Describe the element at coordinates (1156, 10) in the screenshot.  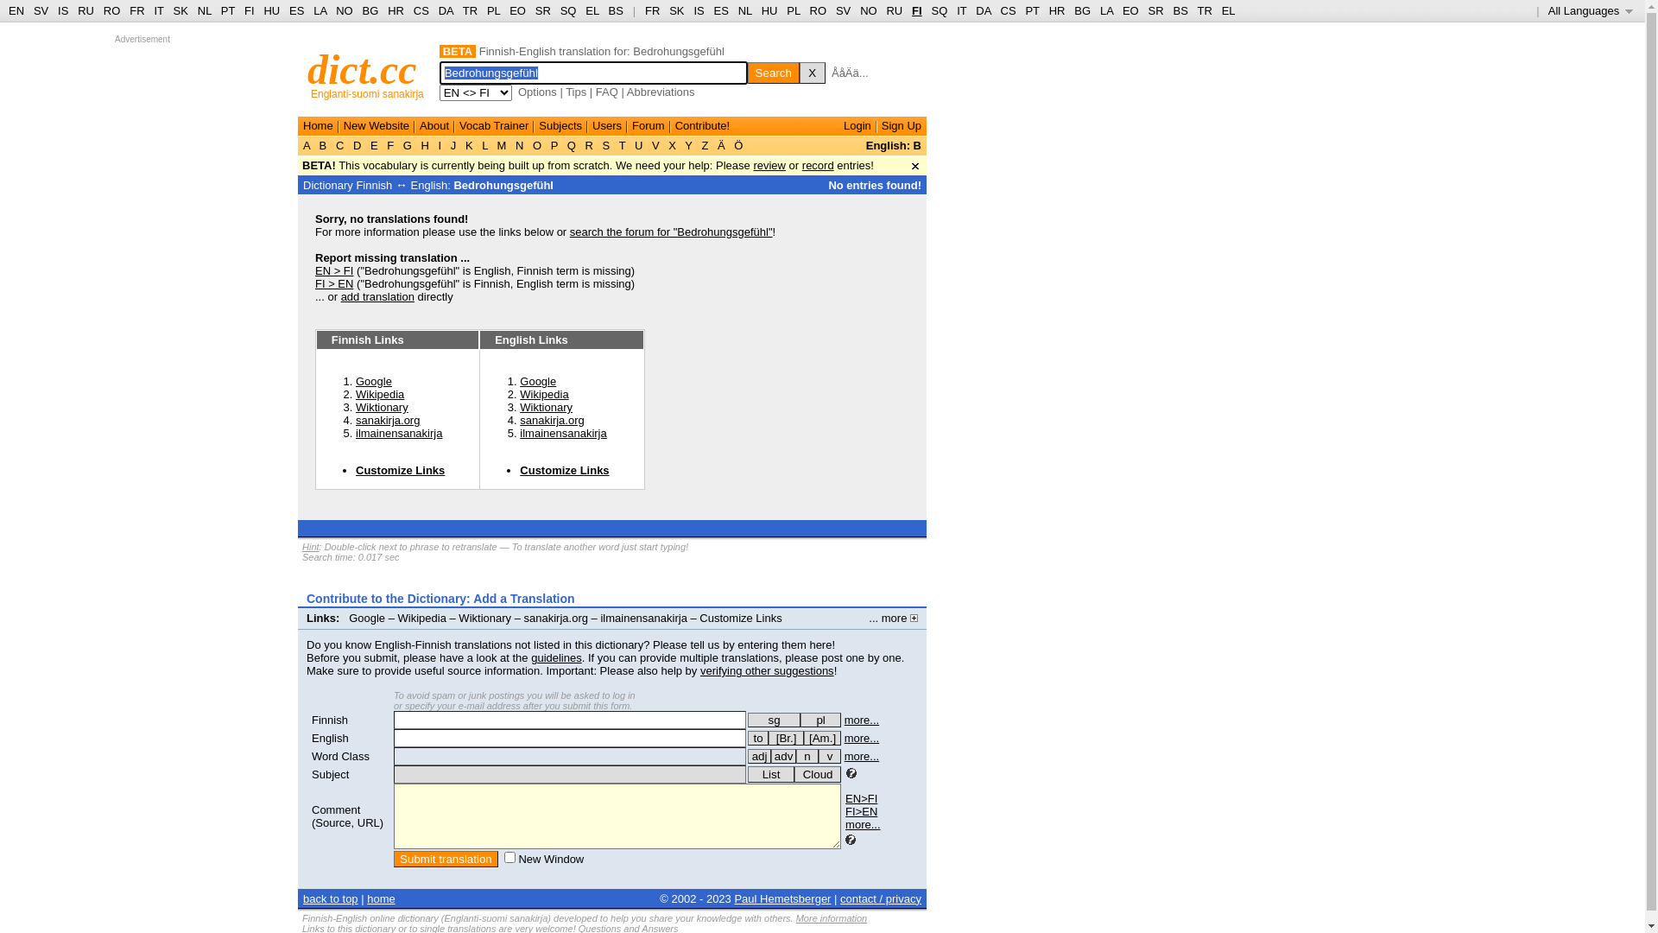
I see `'SR'` at that location.